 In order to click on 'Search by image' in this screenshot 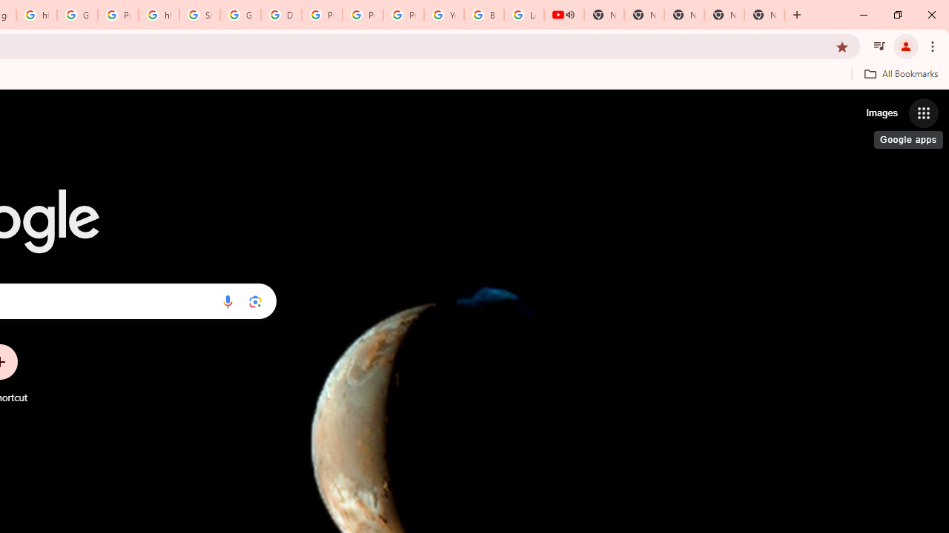, I will do `click(255, 301)`.